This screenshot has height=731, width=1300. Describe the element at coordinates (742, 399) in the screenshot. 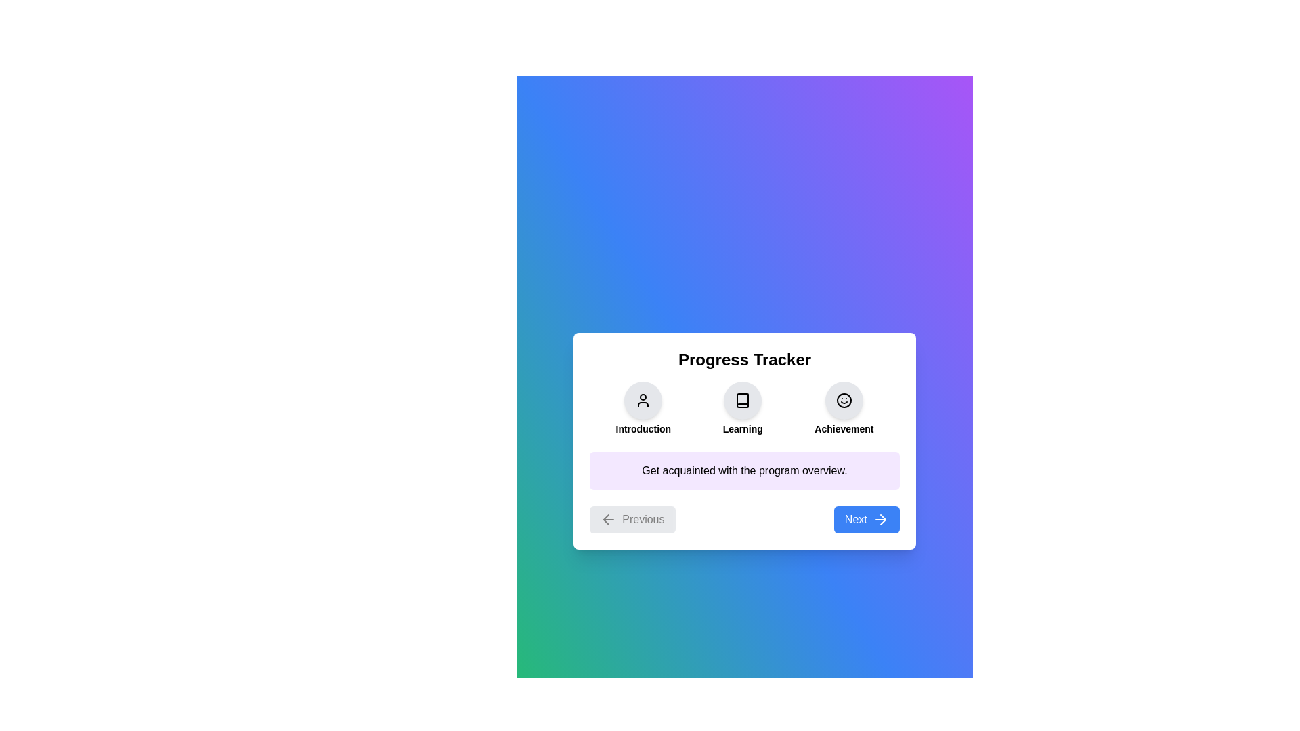

I see `the Learning section icon to view its details` at that location.